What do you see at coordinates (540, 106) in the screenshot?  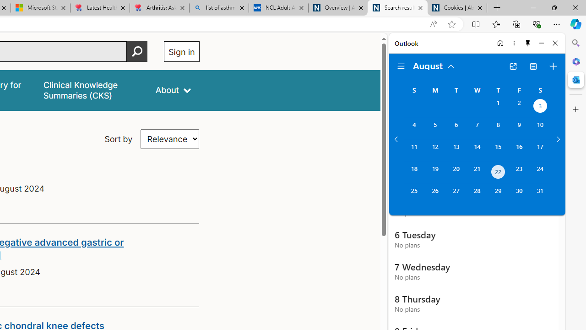 I see `'Saturday, August 3, 2024. Date selected. '` at bounding box center [540, 106].